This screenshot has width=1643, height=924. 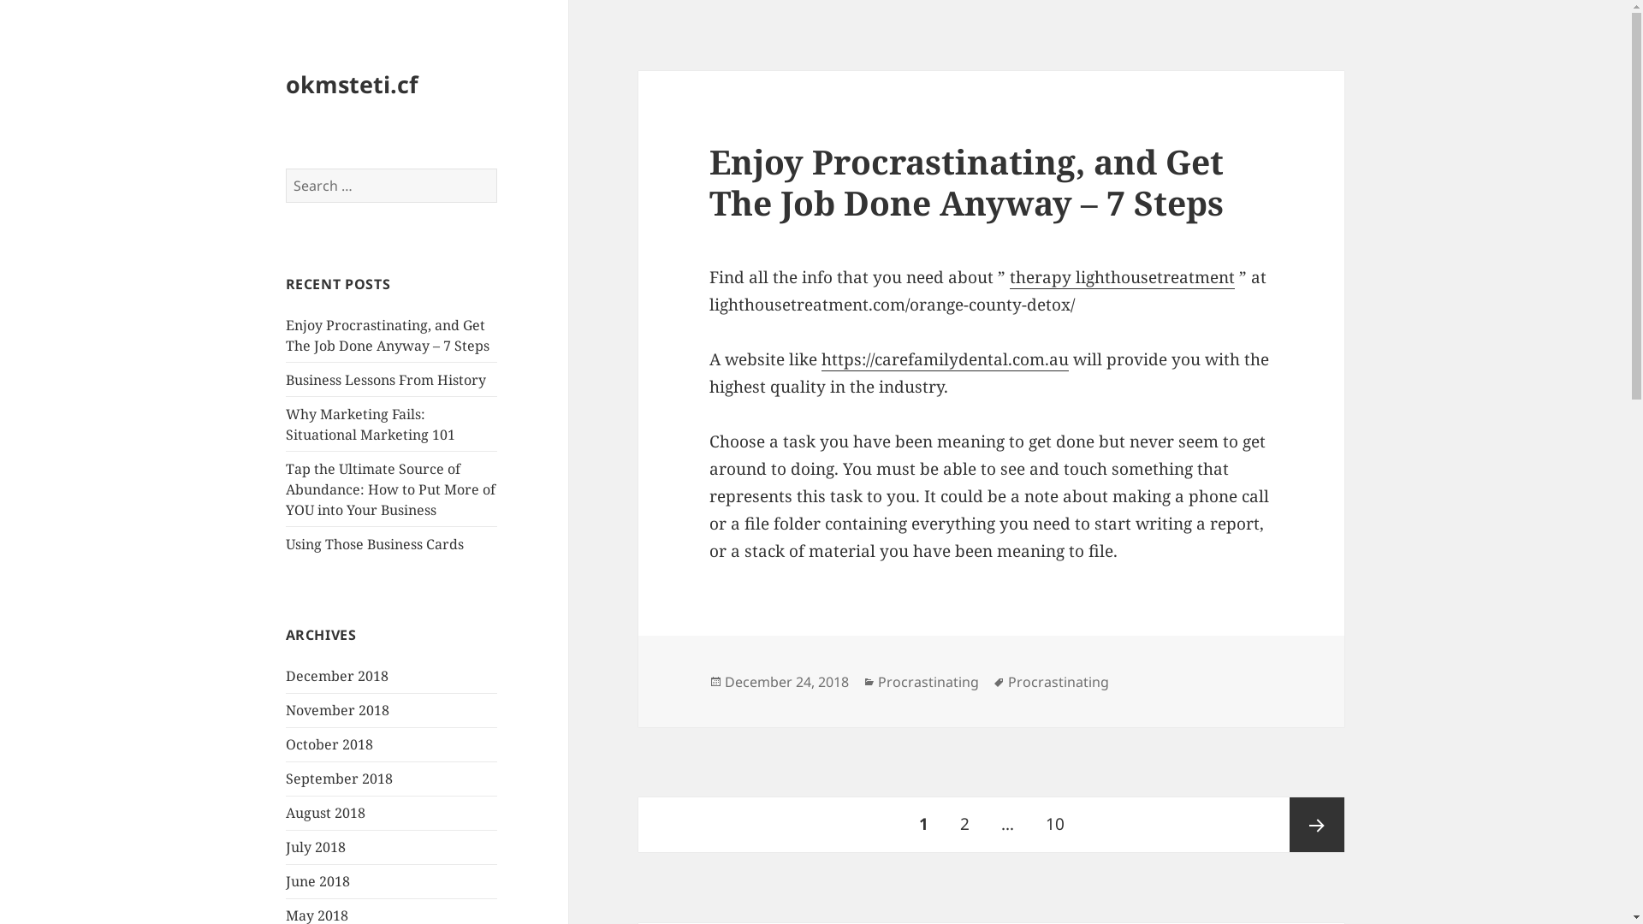 I want to click on 'Search', so click(x=496, y=169).